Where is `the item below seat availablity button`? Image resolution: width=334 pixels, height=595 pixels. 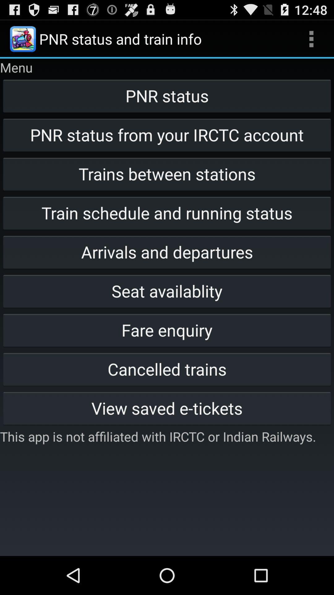 the item below seat availablity button is located at coordinates (167, 330).